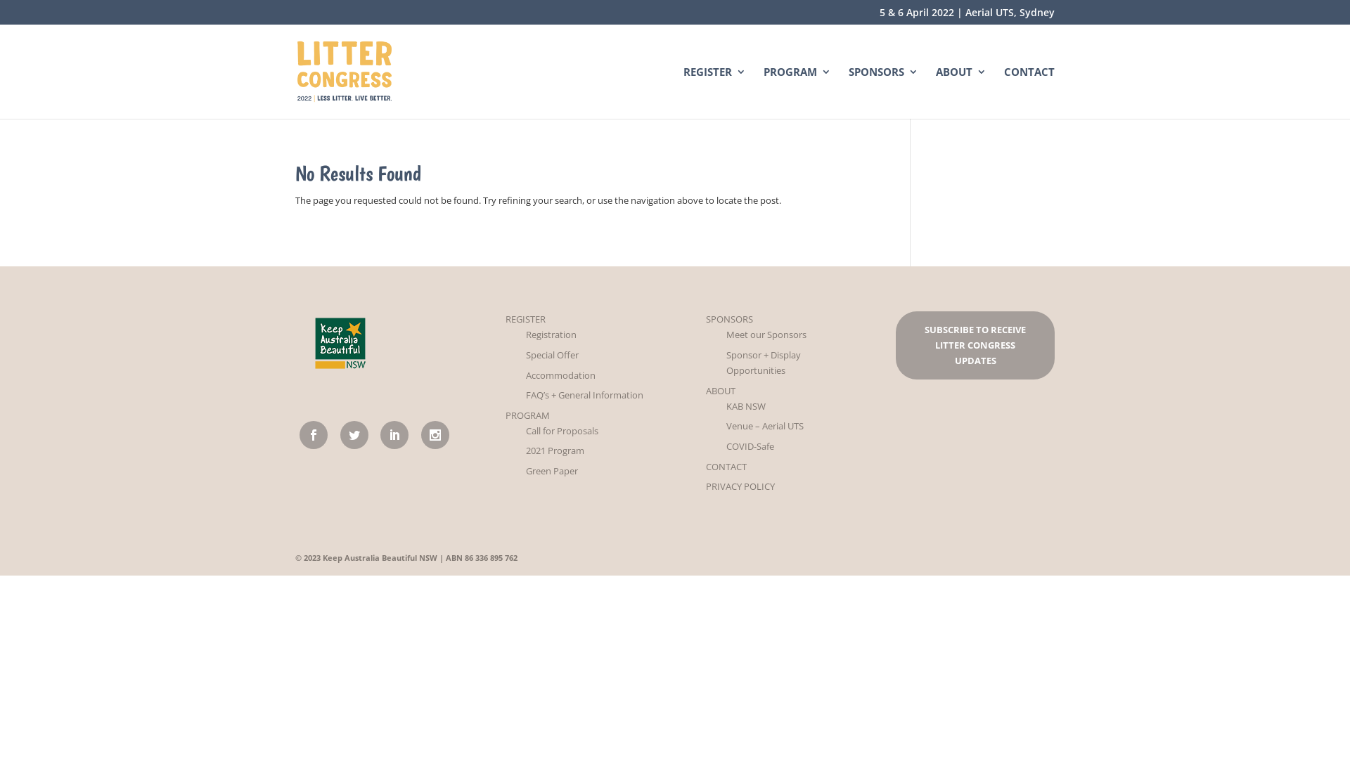 This screenshot has height=759, width=1350. I want to click on 'Call for Proposals', so click(561, 430).